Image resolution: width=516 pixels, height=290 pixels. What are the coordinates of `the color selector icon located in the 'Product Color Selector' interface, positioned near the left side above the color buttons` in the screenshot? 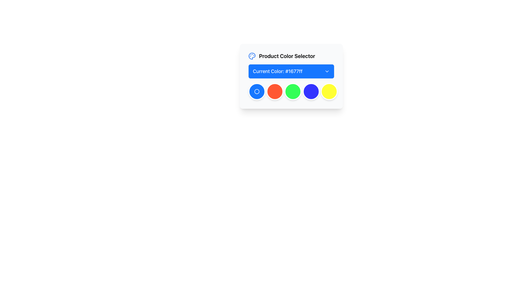 It's located at (252, 56).